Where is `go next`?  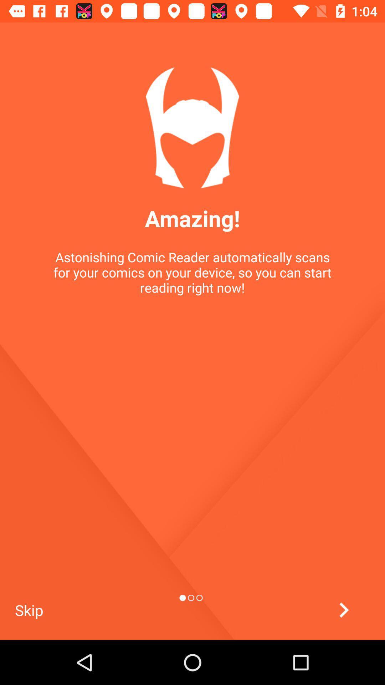
go next is located at coordinates (343, 609).